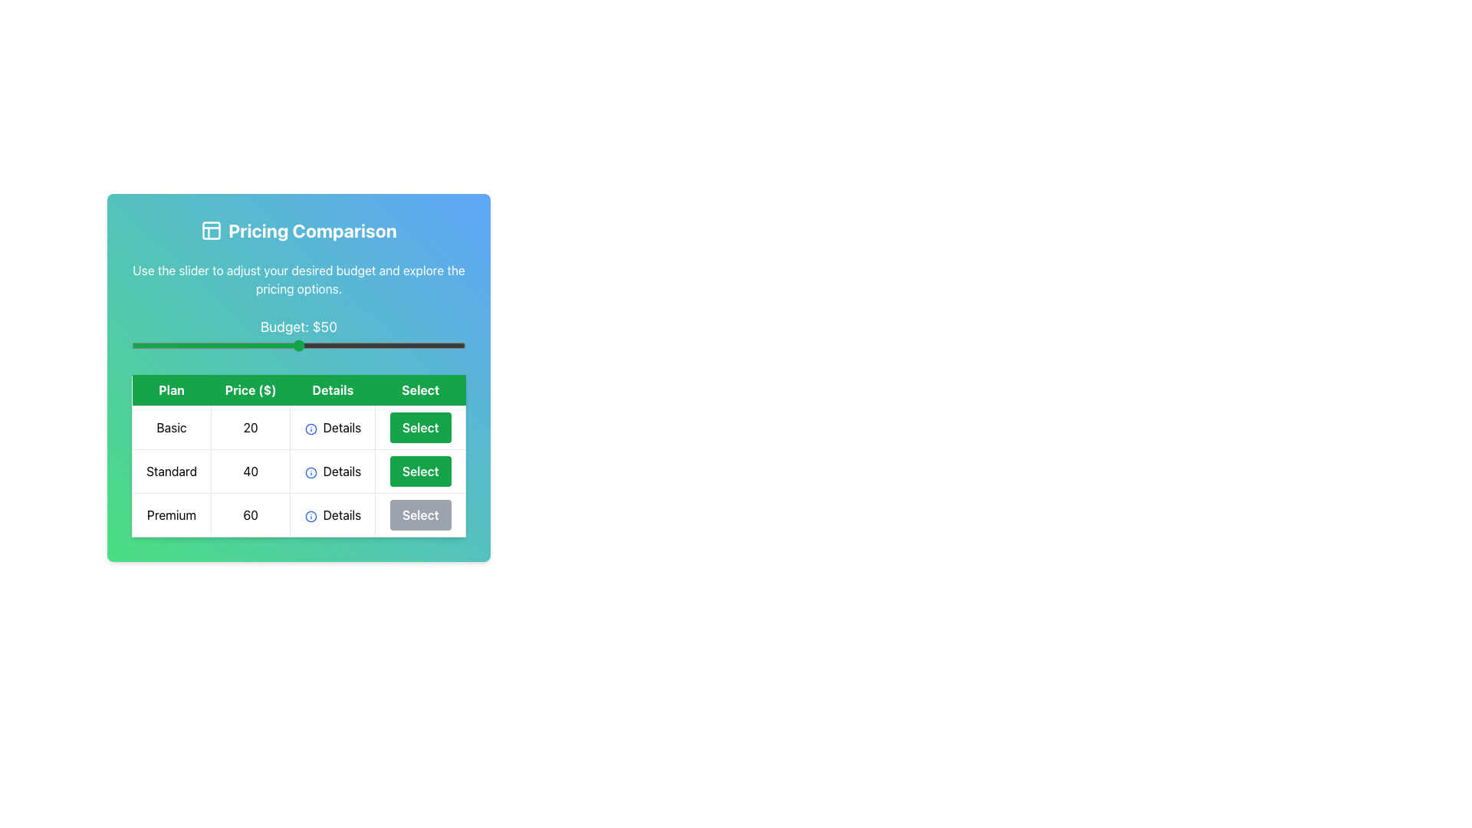  I want to click on text displayed on the 'Standard' label in the second row under the 'Plan' column, which is adjacent to the 'Price ($)' cell, so click(172, 470).